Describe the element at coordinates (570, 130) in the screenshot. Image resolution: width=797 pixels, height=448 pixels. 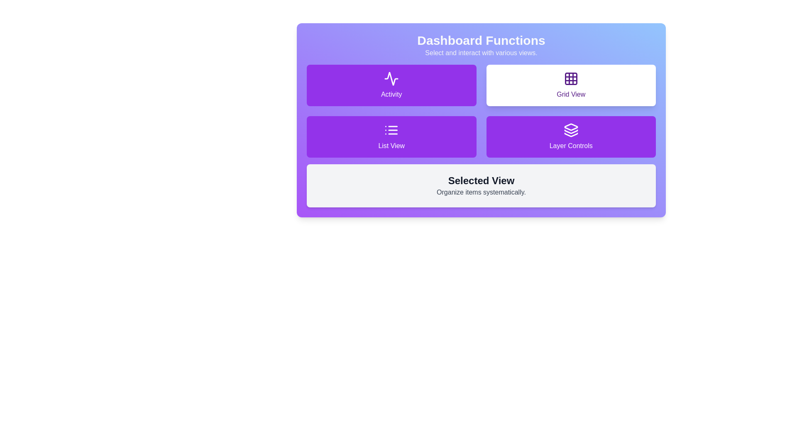
I see `the icon with three stacked layers, depicted in white and within a purple square, located above the 'Layer Controls' text in the lower-right corner of the Dashboard Functions interface` at that location.